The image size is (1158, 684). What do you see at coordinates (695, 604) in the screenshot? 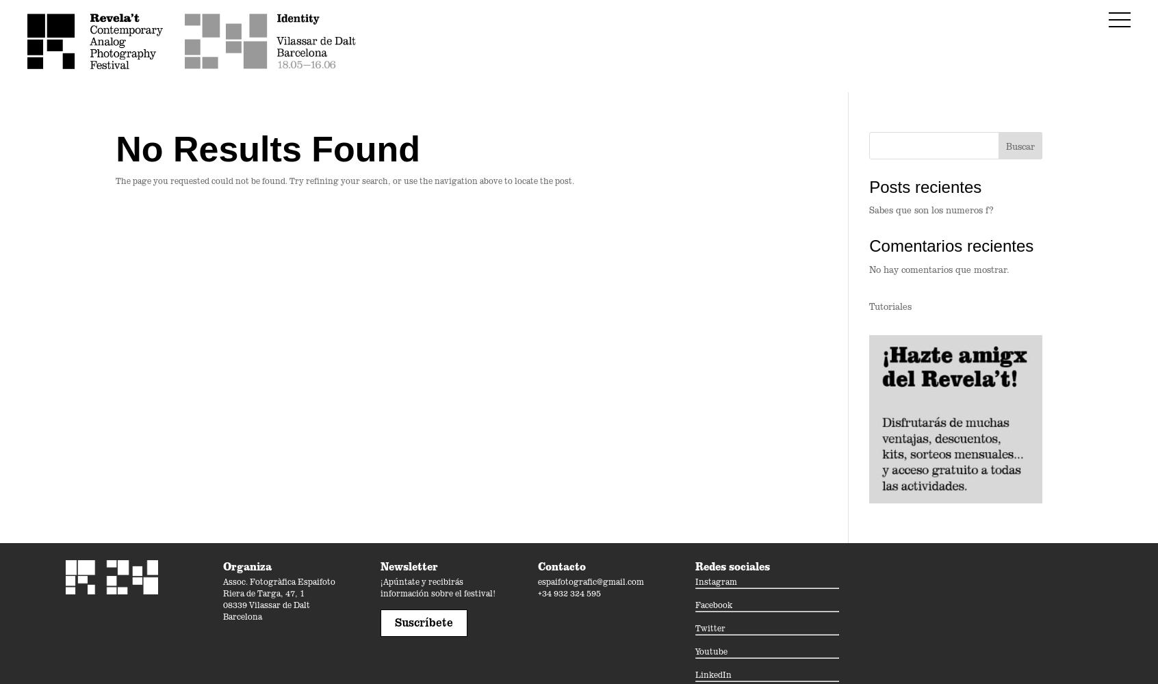
I see `'Facebook'` at bounding box center [695, 604].